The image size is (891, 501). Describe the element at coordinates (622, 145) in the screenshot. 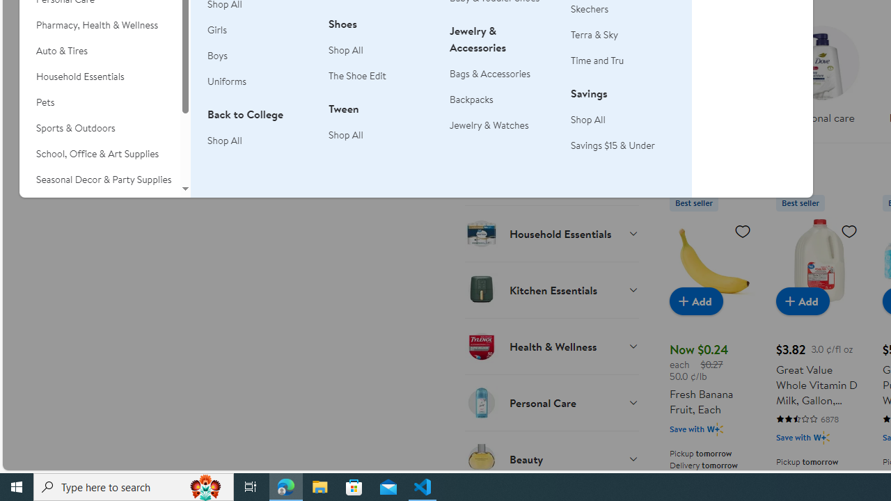

I see `'Savings $15 & Under'` at that location.